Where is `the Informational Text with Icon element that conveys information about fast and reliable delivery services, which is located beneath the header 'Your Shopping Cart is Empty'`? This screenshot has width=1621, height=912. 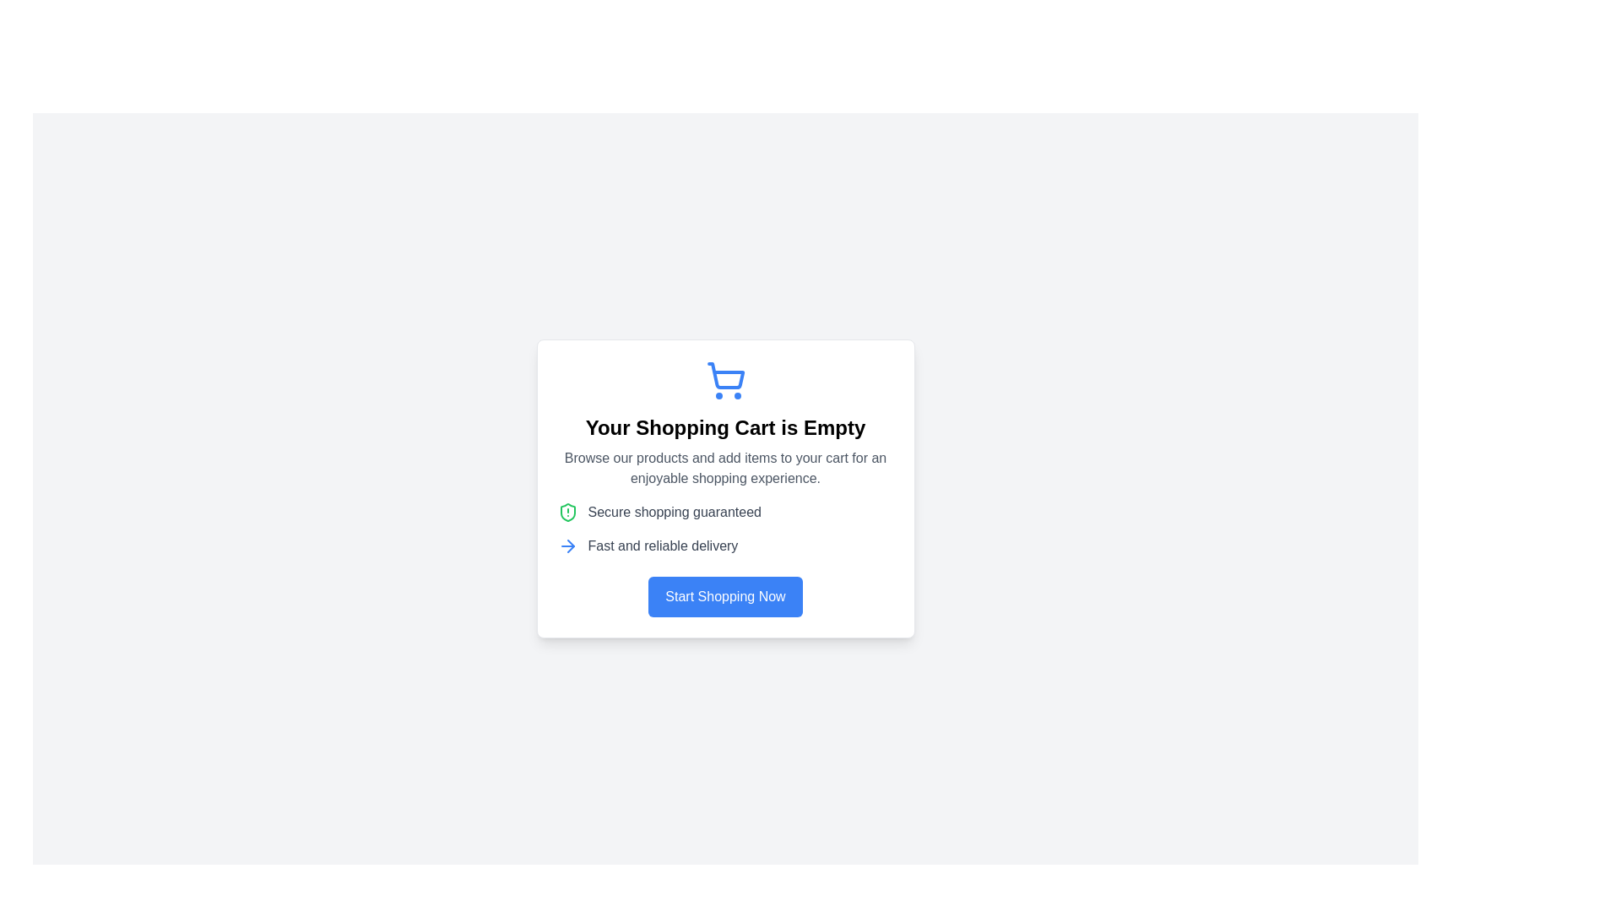
the Informational Text with Icon element that conveys information about fast and reliable delivery services, which is located beneath the header 'Your Shopping Cart is Empty' is located at coordinates (725, 546).